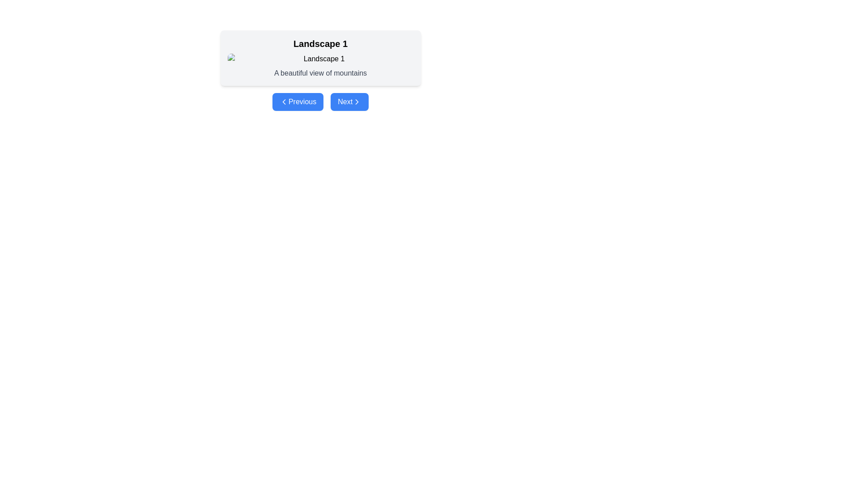  I want to click on the 'Previous' button, which is a rectangular button with white text on a blue background and a leftward-pointing arrow icon, so click(298, 101).